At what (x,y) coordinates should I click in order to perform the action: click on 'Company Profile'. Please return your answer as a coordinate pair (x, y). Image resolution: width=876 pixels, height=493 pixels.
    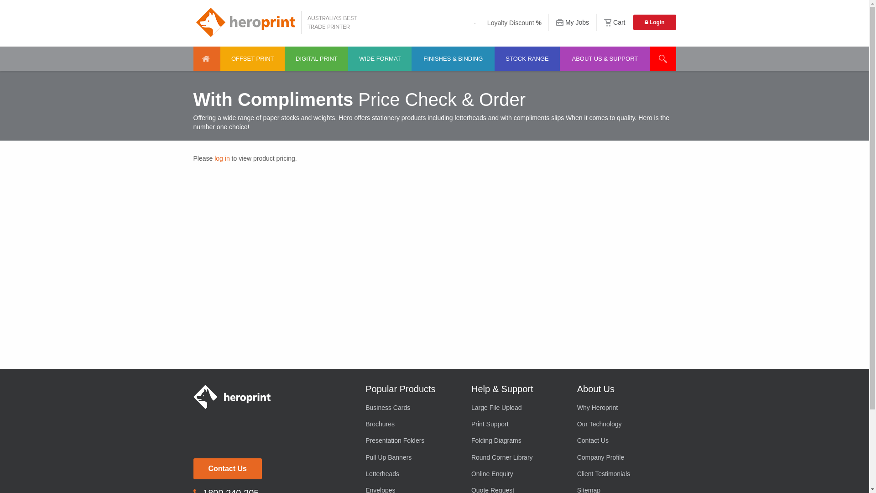
    Looking at the image, I should click on (577, 457).